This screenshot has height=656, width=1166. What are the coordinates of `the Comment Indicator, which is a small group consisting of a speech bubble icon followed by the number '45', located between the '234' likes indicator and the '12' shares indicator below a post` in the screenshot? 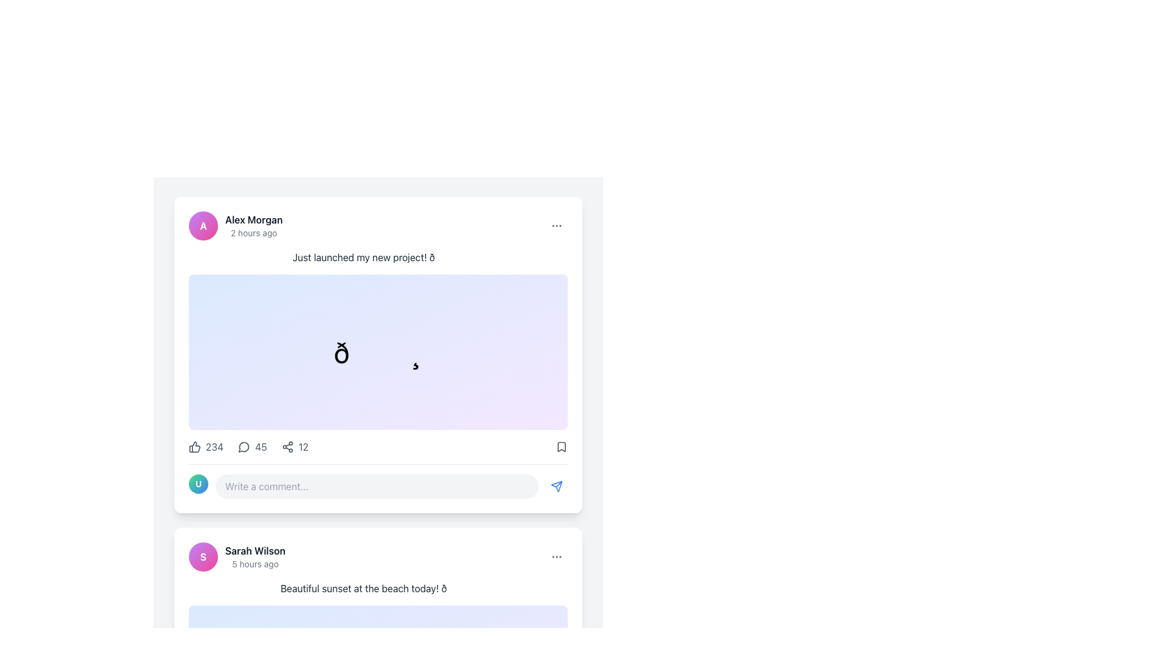 It's located at (251, 447).